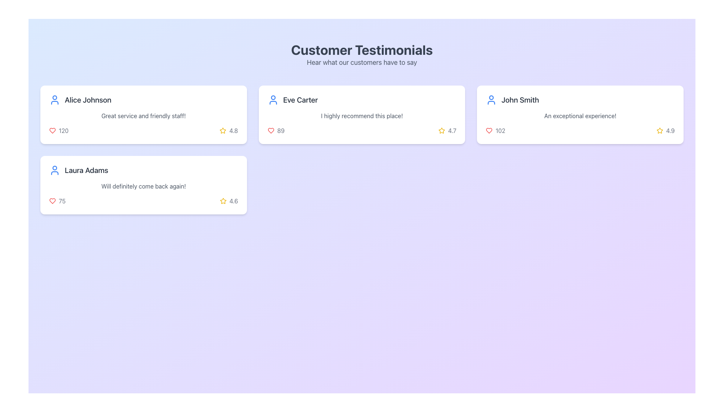 Image resolution: width=711 pixels, height=400 pixels. What do you see at coordinates (489, 130) in the screenshot?
I see `the heart icon filled with red color, which symbolizes a 'like' feature, located directly to the left of the textual element '102' within the card associated with 'John Smith'` at bounding box center [489, 130].